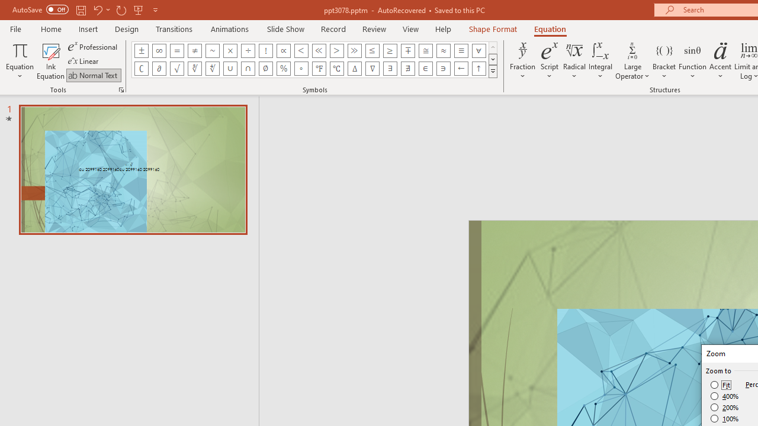 This screenshot has width=758, height=426. I want to click on 'Equation Symbol Multiplication Sign', so click(230, 50).